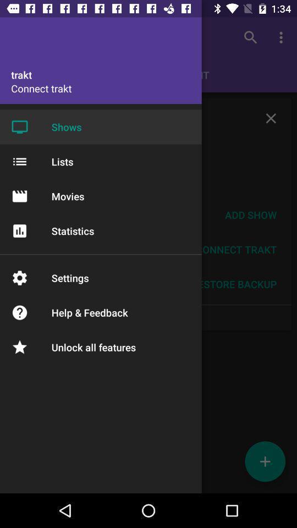 The height and width of the screenshot is (528, 297). What do you see at coordinates (265, 461) in the screenshot?
I see `the add icon` at bounding box center [265, 461].